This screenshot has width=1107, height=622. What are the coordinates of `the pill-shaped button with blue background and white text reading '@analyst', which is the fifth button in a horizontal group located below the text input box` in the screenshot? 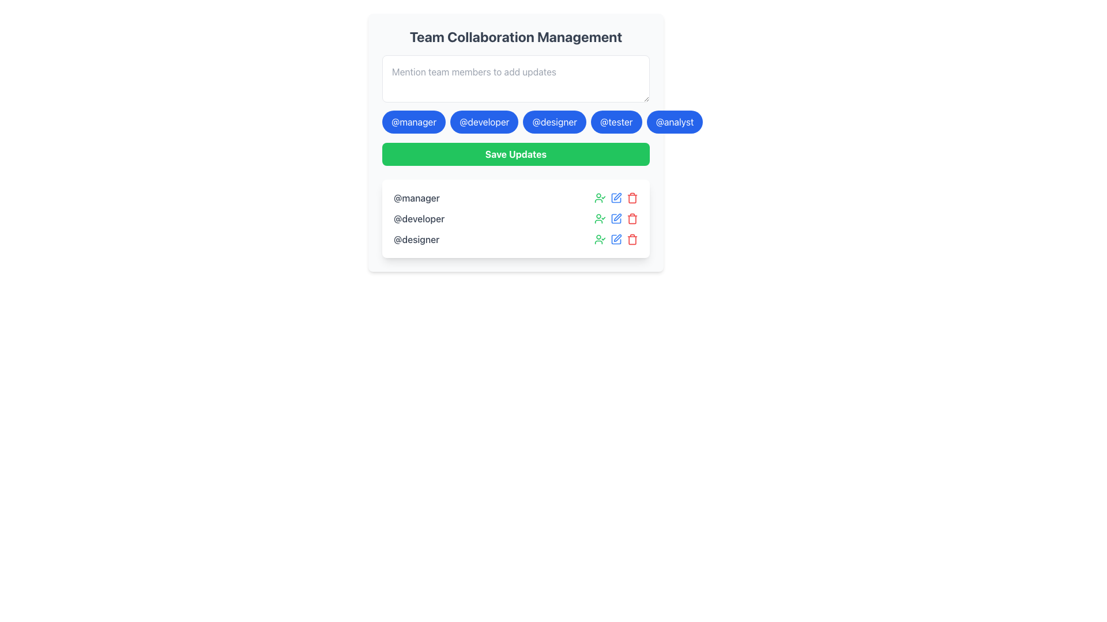 It's located at (675, 122).